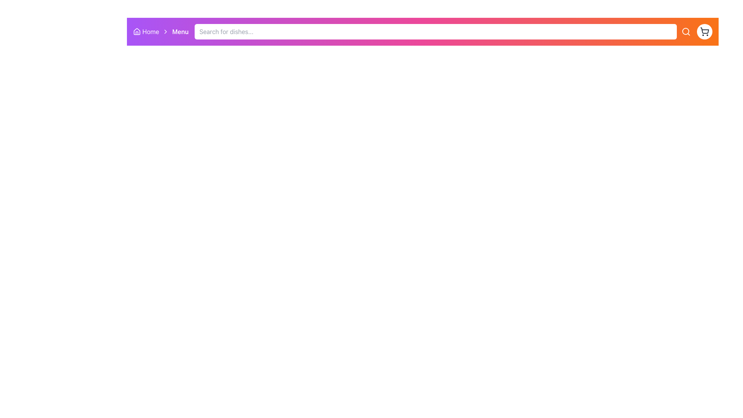  I want to click on the Chevron Icon located at the right side of the 'Menu' label in the navigation bar, so click(165, 31).